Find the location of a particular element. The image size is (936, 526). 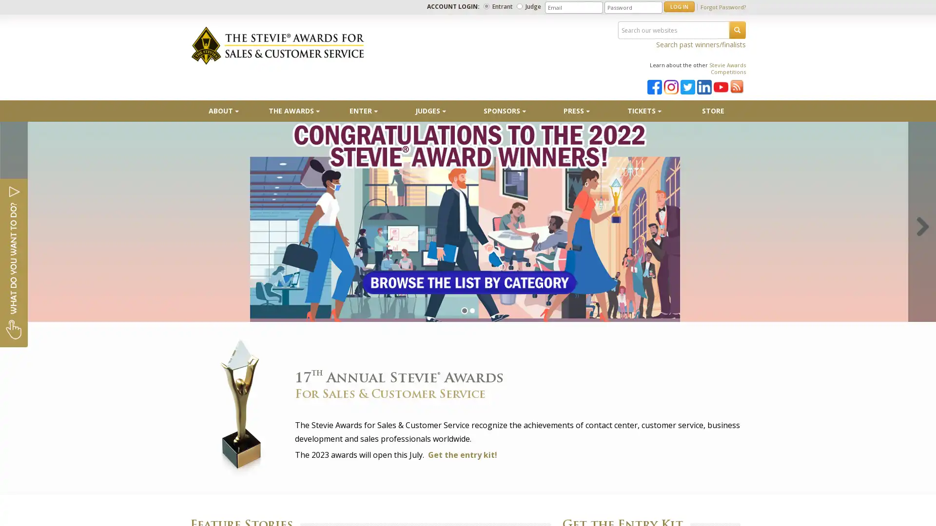

SEARCH is located at coordinates (737, 29).